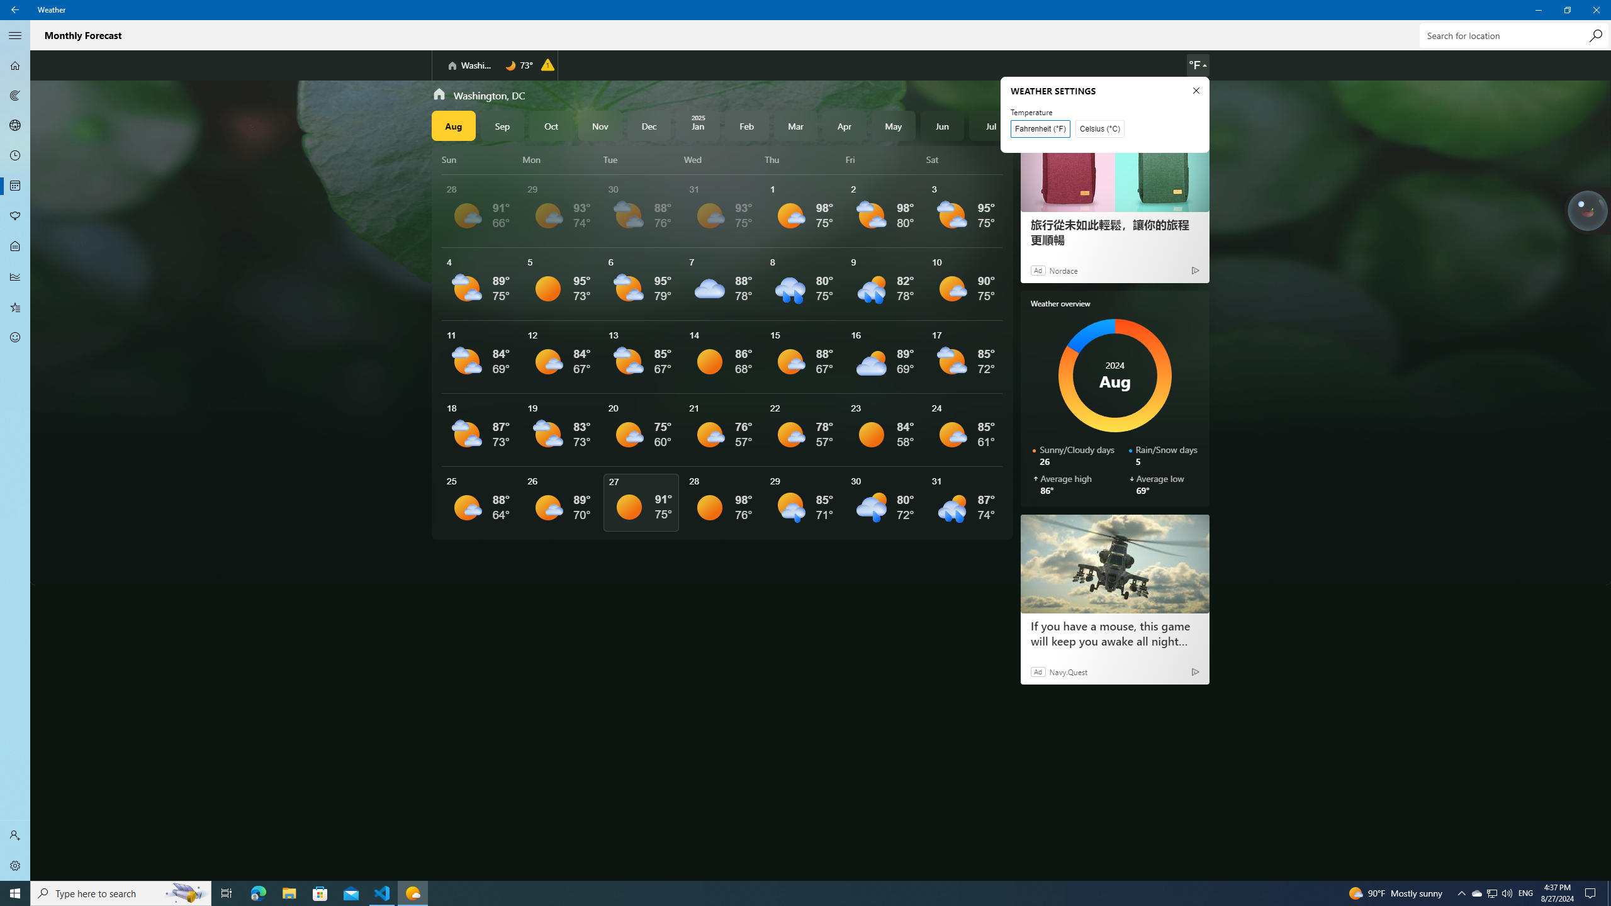  Describe the element at coordinates (15, 864) in the screenshot. I see `'Settings'` at that location.